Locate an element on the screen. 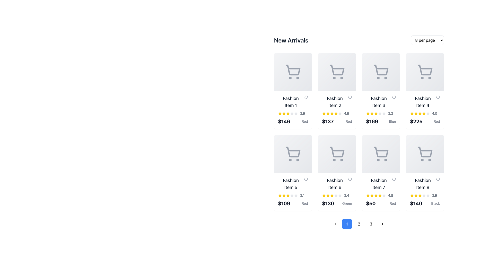  the fifth yellow star icon representing the rating for 'Fashion Item 7' is located at coordinates (376, 113).